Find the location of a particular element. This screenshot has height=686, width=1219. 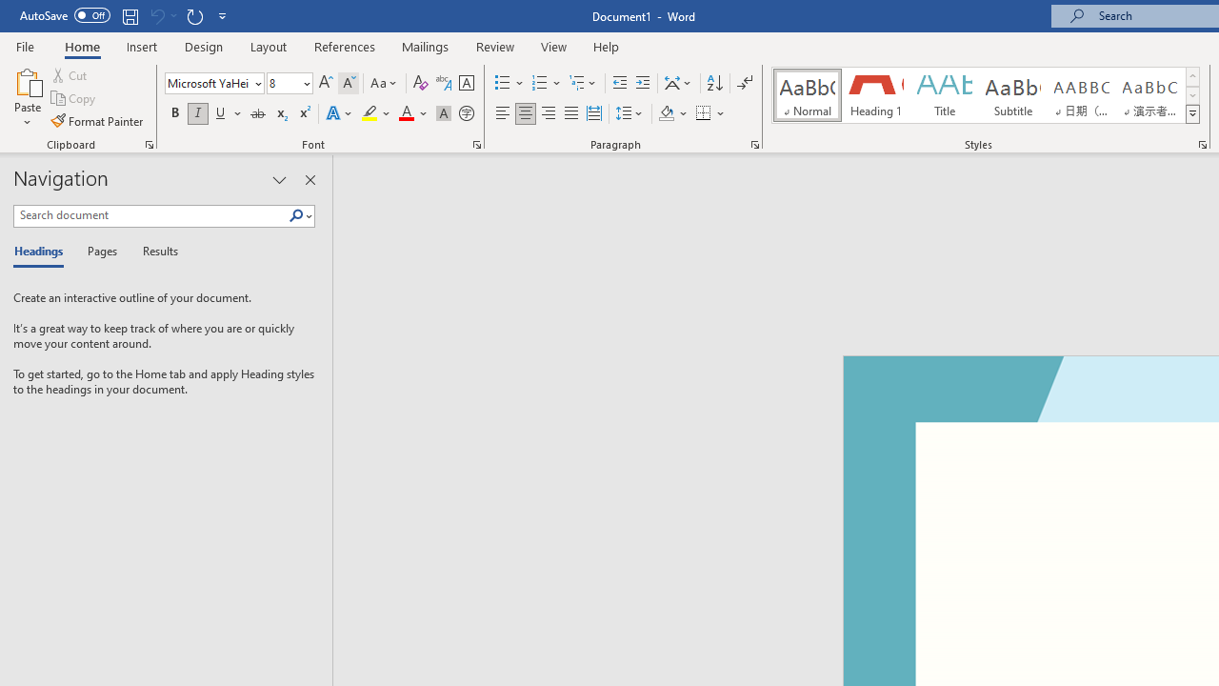

'Change Case' is located at coordinates (384, 82).